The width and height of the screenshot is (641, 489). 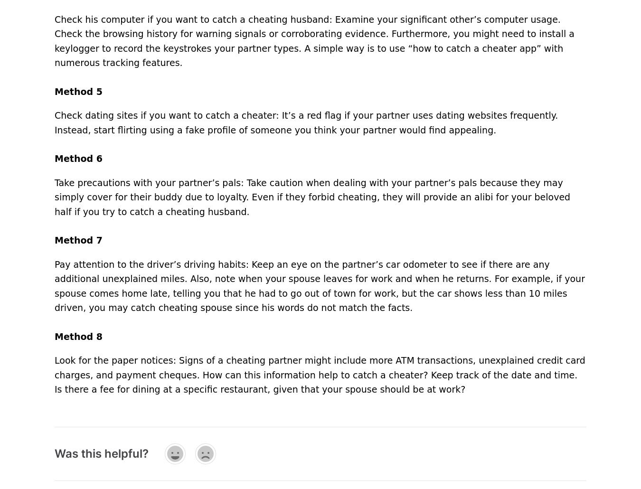 I want to click on 'Pay attention to the driver’s driving habits: Keep an eye on the partner’s car odometer to see if there are any additional unexplained miles. Also, note when your spouse leaves for work and when he returns. For example, if your spouse comes home late, telling you that he had to go out of town for work, but the car shows less than 10 miles driven, you may catch cheating spouse since his words do not match the facts.', so click(x=319, y=285).